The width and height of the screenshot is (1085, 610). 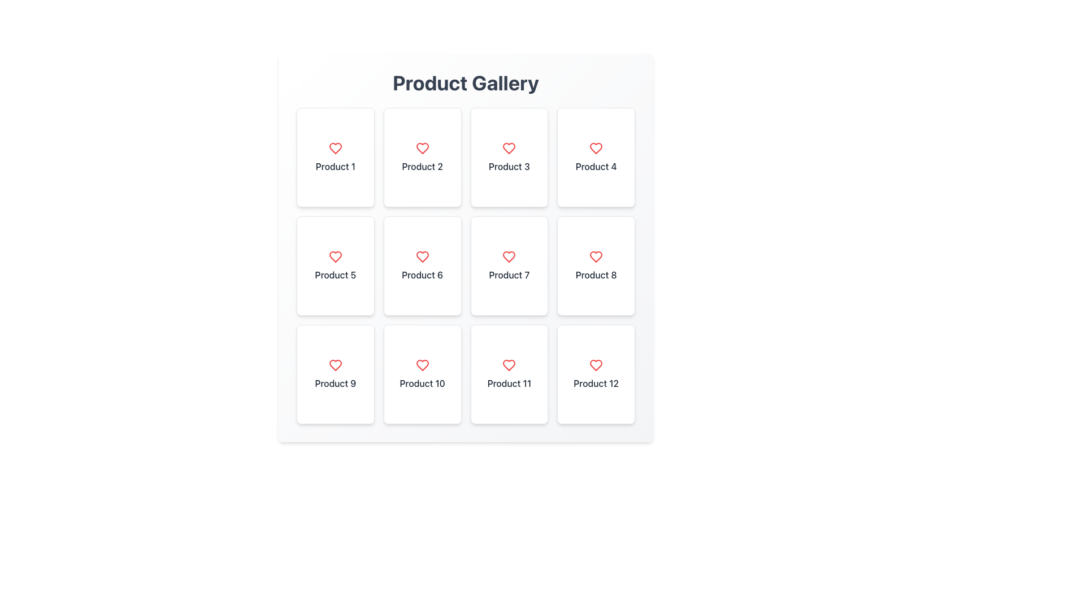 What do you see at coordinates (422, 257) in the screenshot?
I see `the red heart-shaped icon located at the top of the 'Product 6' card, which is in the second row and second column of the grid layout` at bounding box center [422, 257].